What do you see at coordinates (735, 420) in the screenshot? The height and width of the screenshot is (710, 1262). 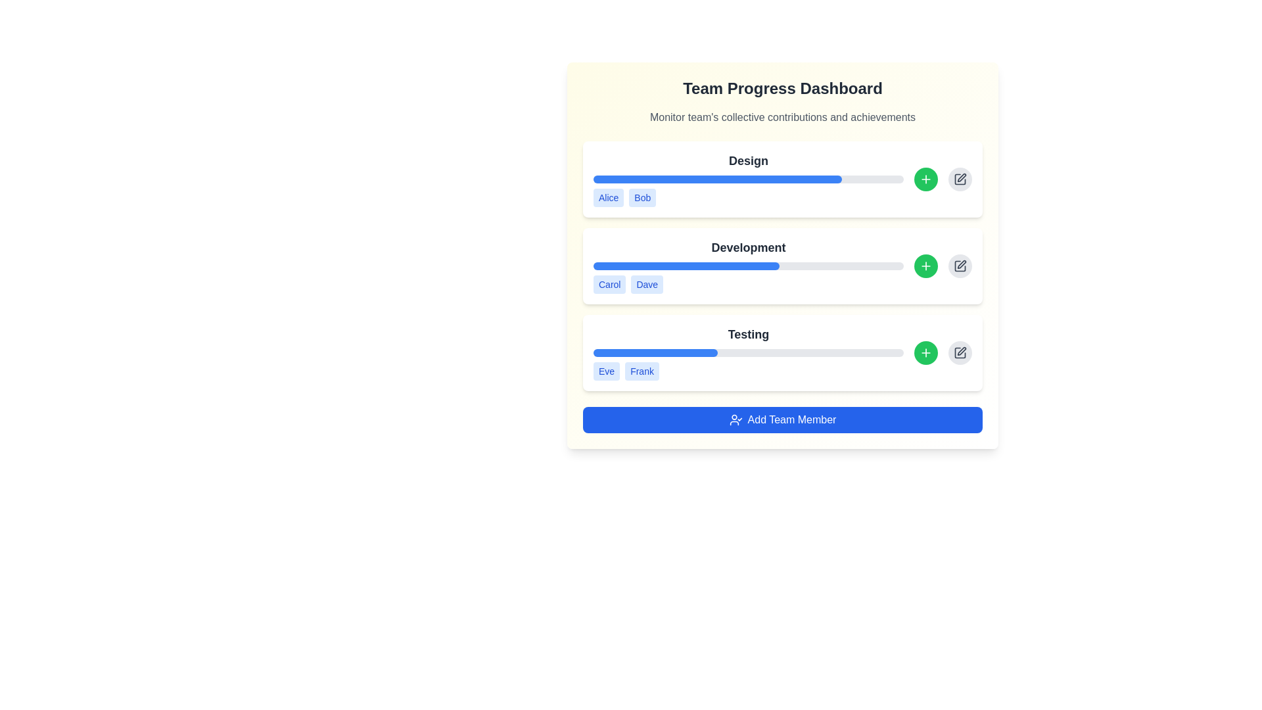 I see `the user icon with a checkmark located within the 'Add Team Member' button at the bottom center of the interface` at bounding box center [735, 420].